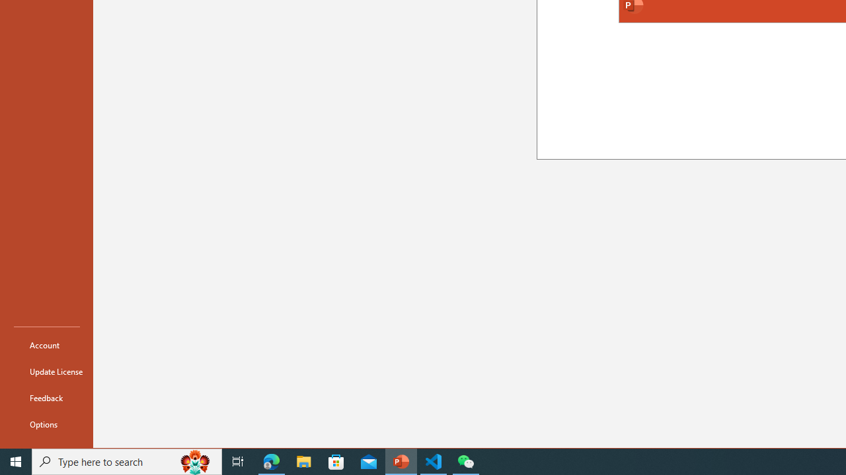 This screenshot has height=475, width=846. I want to click on 'Account', so click(47, 344).